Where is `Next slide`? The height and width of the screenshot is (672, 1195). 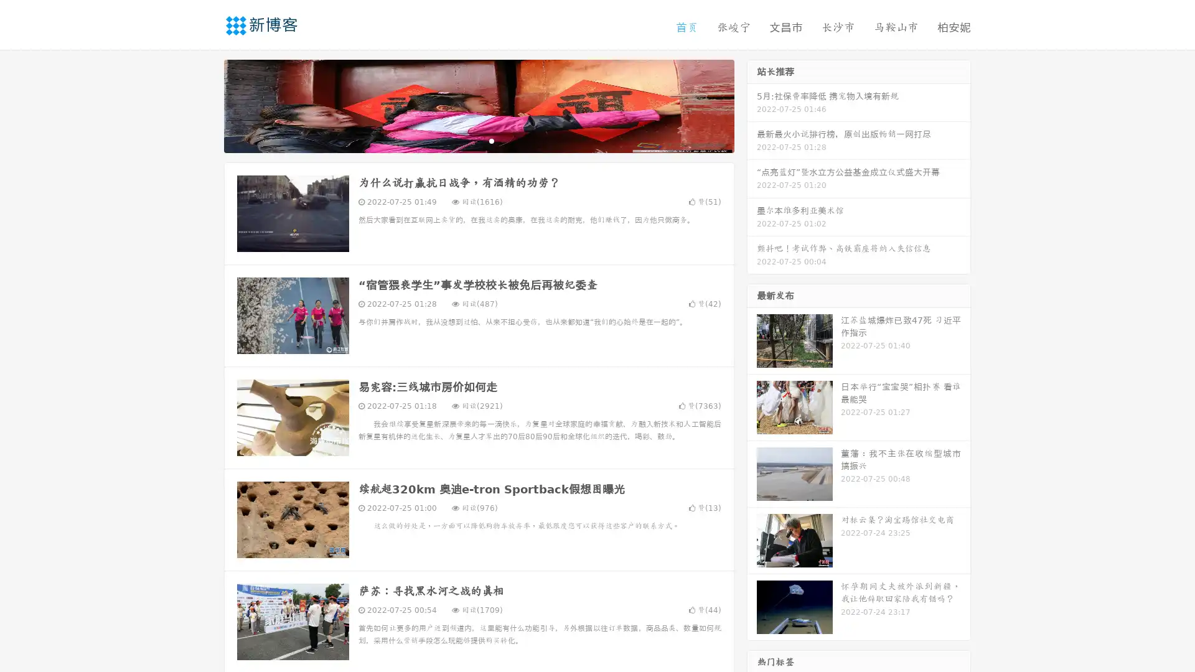 Next slide is located at coordinates (752, 105).